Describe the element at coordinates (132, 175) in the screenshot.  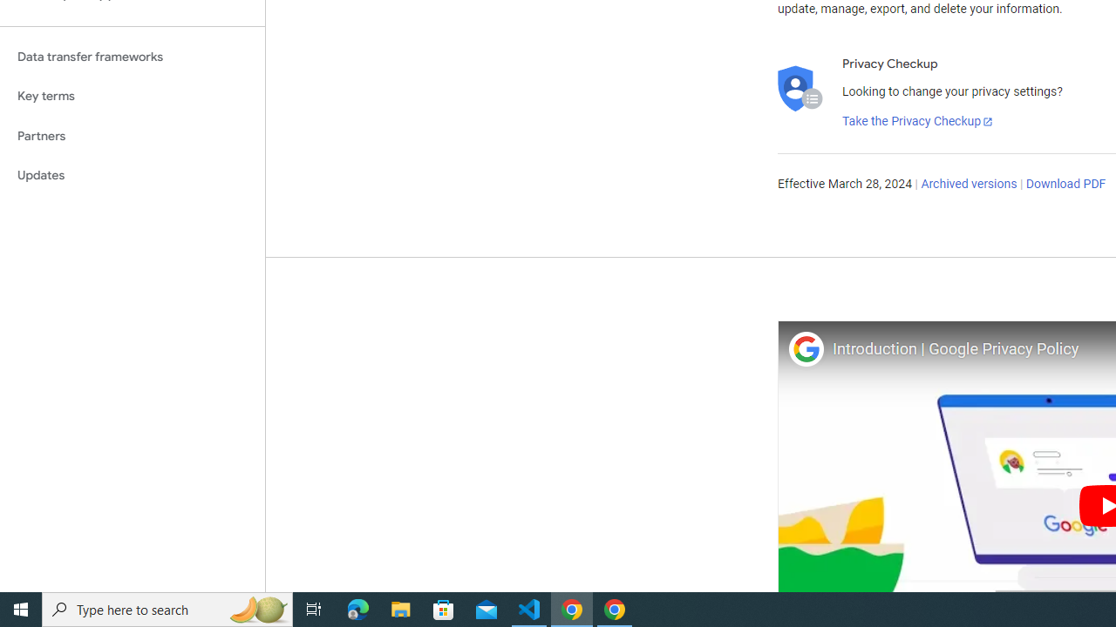
I see `'Updates'` at that location.